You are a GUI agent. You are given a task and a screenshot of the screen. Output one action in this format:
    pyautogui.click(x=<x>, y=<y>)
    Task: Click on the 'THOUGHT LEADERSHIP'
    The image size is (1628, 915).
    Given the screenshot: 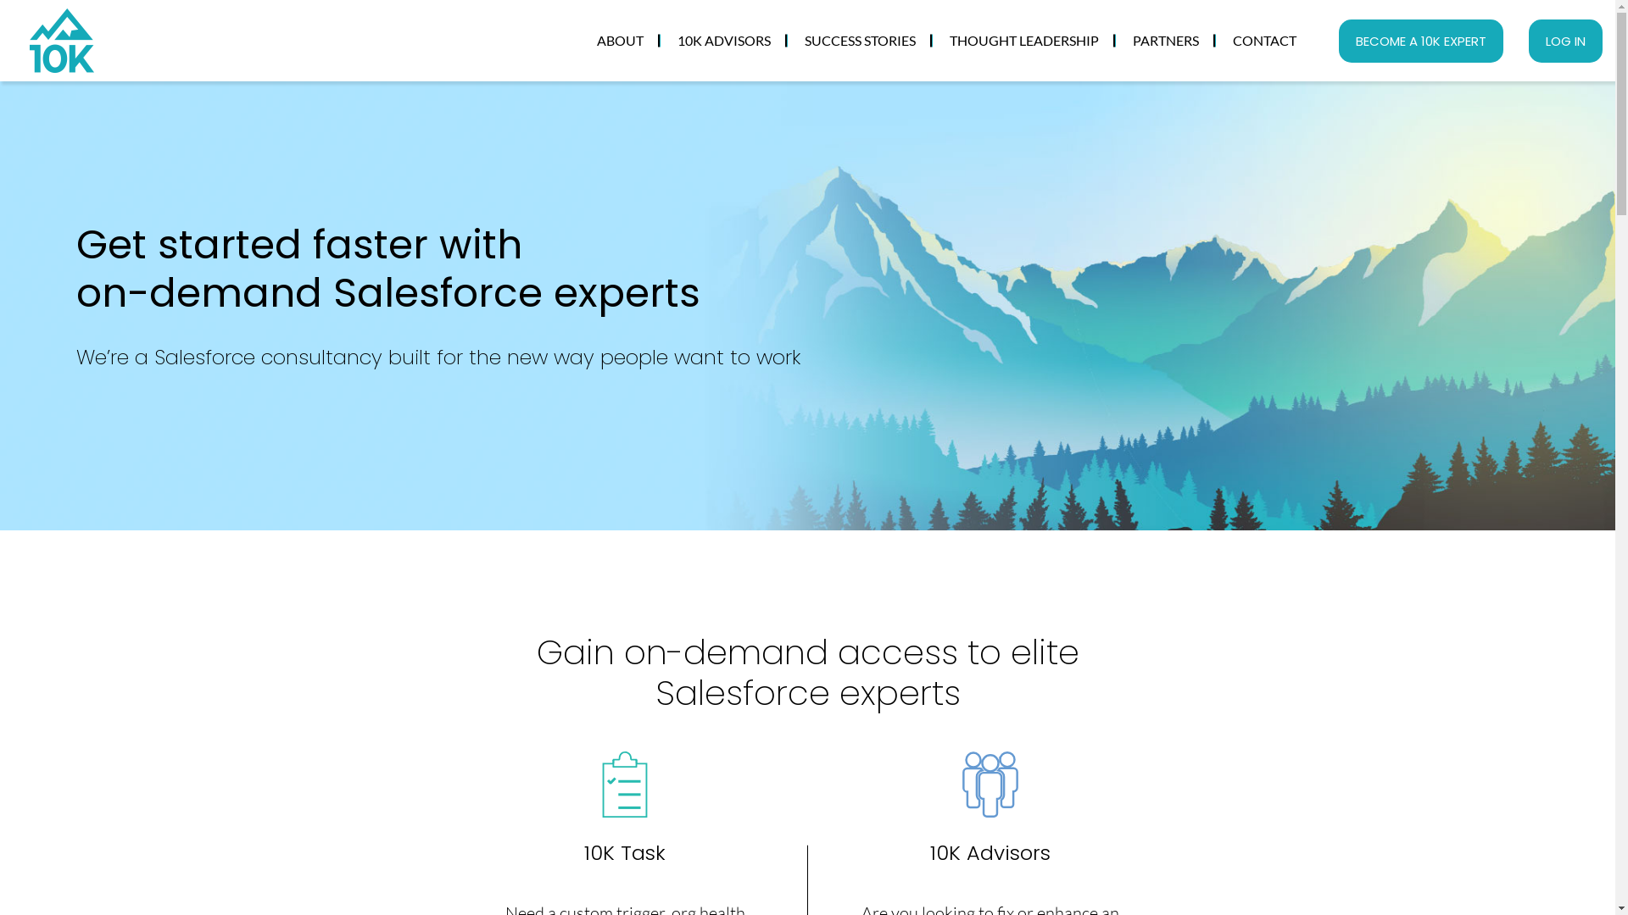 What is the action you would take?
    pyautogui.click(x=1023, y=39)
    